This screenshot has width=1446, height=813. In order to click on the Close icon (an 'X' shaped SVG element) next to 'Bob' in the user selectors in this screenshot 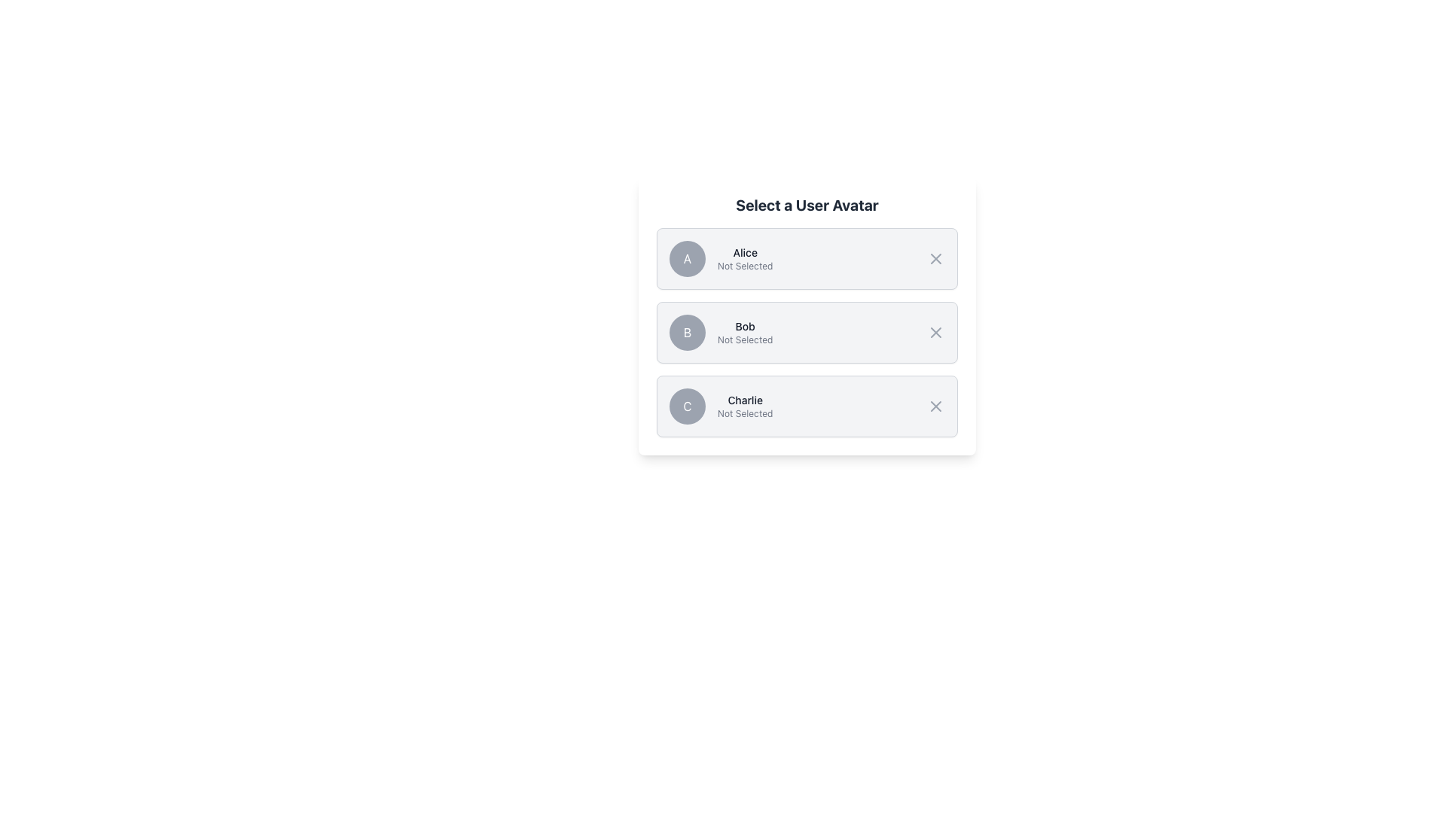, I will do `click(935, 332)`.